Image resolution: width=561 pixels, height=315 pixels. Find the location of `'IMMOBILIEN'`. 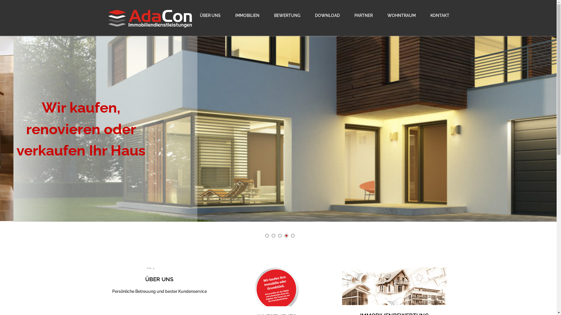

'IMMOBILIEN' is located at coordinates (228, 15).